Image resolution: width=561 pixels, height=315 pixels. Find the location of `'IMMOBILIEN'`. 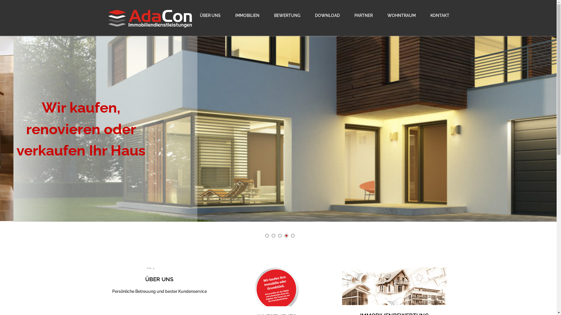

'IMMOBILIEN' is located at coordinates (228, 15).